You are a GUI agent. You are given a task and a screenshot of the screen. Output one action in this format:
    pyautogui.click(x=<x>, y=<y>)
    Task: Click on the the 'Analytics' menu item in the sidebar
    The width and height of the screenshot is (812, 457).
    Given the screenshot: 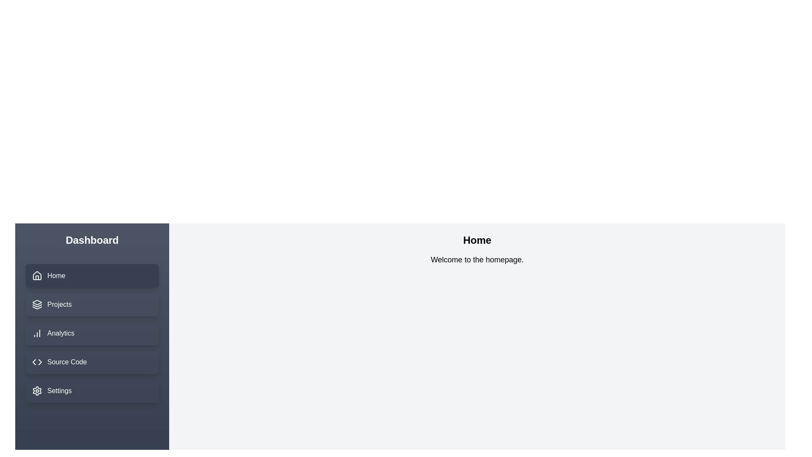 What is the action you would take?
    pyautogui.click(x=92, y=333)
    